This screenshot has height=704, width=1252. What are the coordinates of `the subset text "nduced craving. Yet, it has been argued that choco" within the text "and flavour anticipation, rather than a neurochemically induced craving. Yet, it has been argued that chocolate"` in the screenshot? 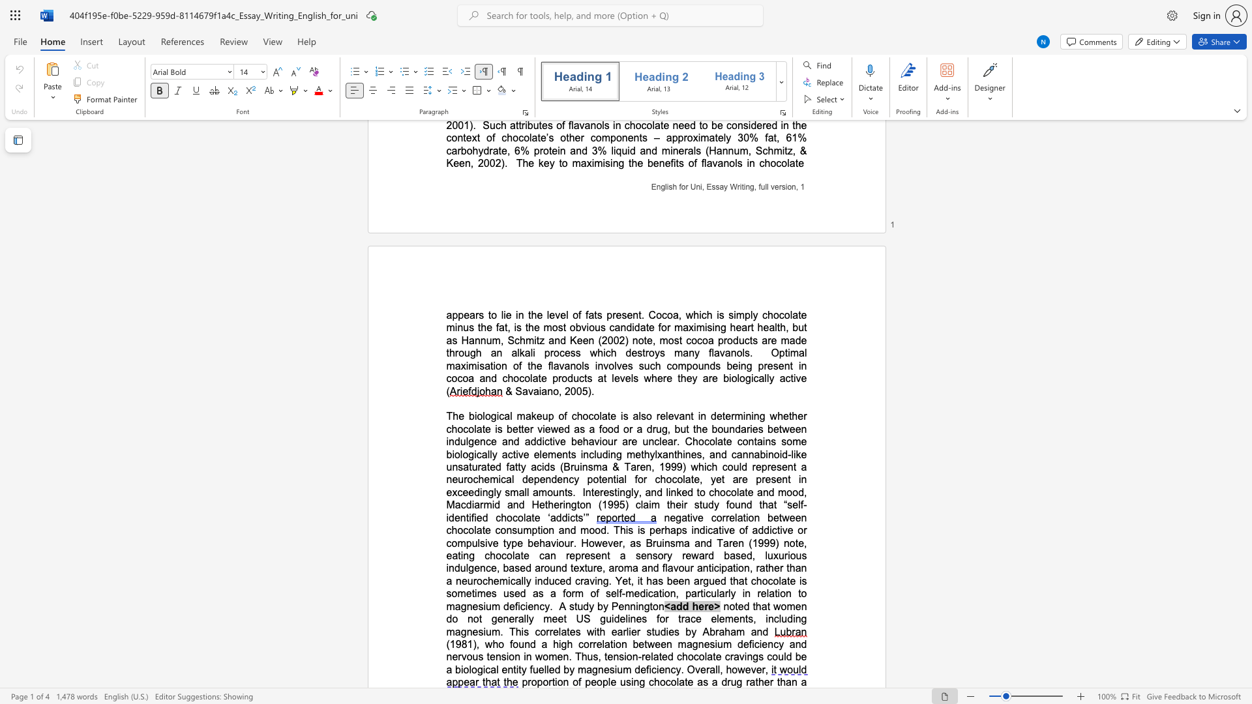 It's located at (537, 580).